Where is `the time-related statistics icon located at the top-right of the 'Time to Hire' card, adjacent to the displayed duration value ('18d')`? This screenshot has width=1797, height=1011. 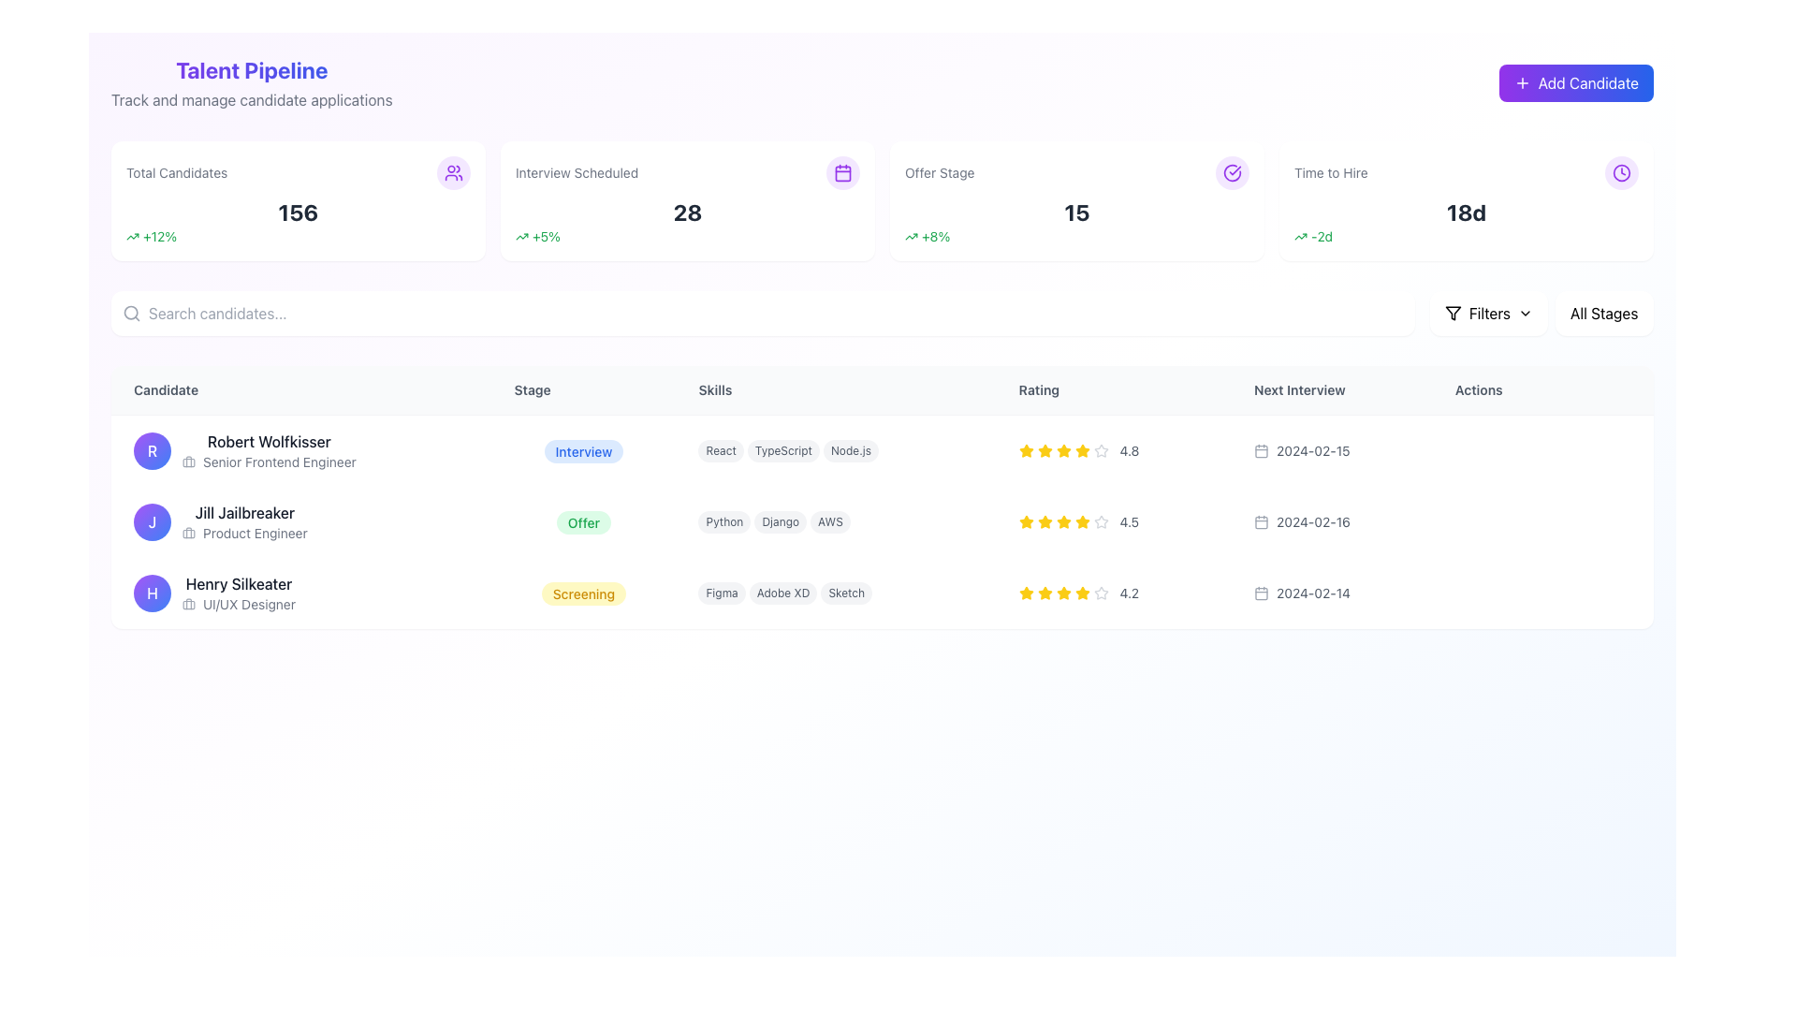
the time-related statistics icon located at the top-right of the 'Time to Hire' card, adjacent to the displayed duration value ('18d') is located at coordinates (1620, 173).